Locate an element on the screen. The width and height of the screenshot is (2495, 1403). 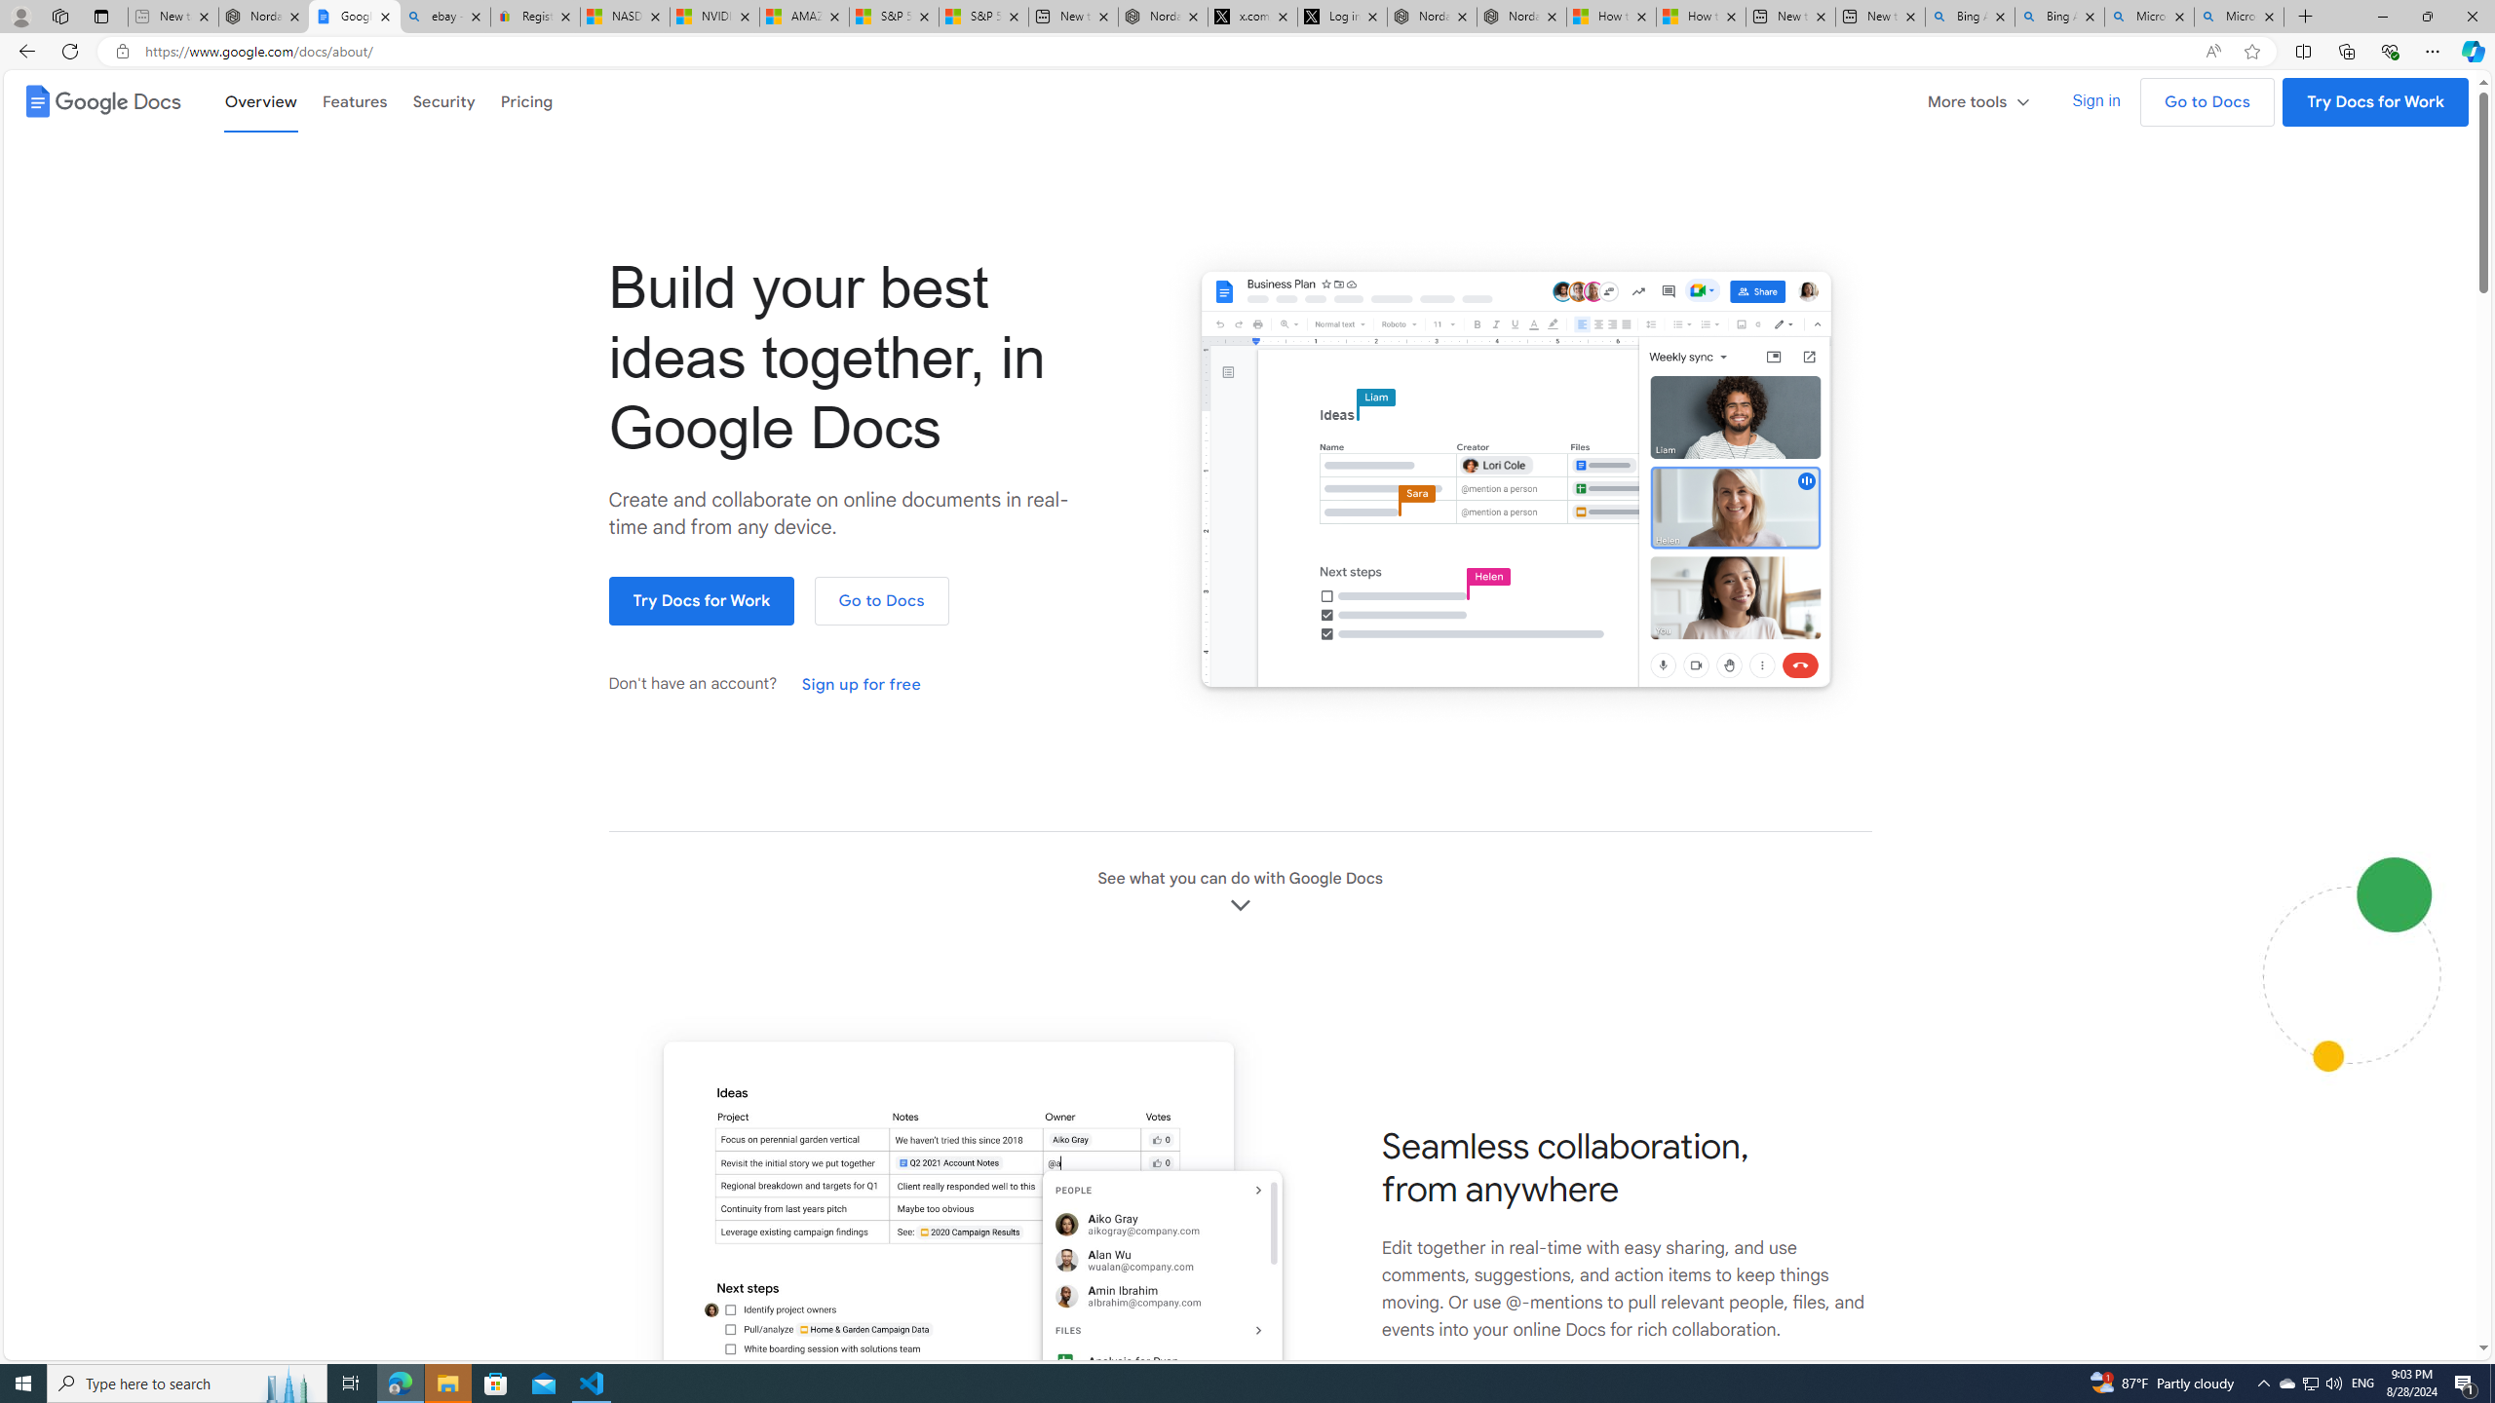
'Register: Create a personal eBay account' is located at coordinates (535, 16).